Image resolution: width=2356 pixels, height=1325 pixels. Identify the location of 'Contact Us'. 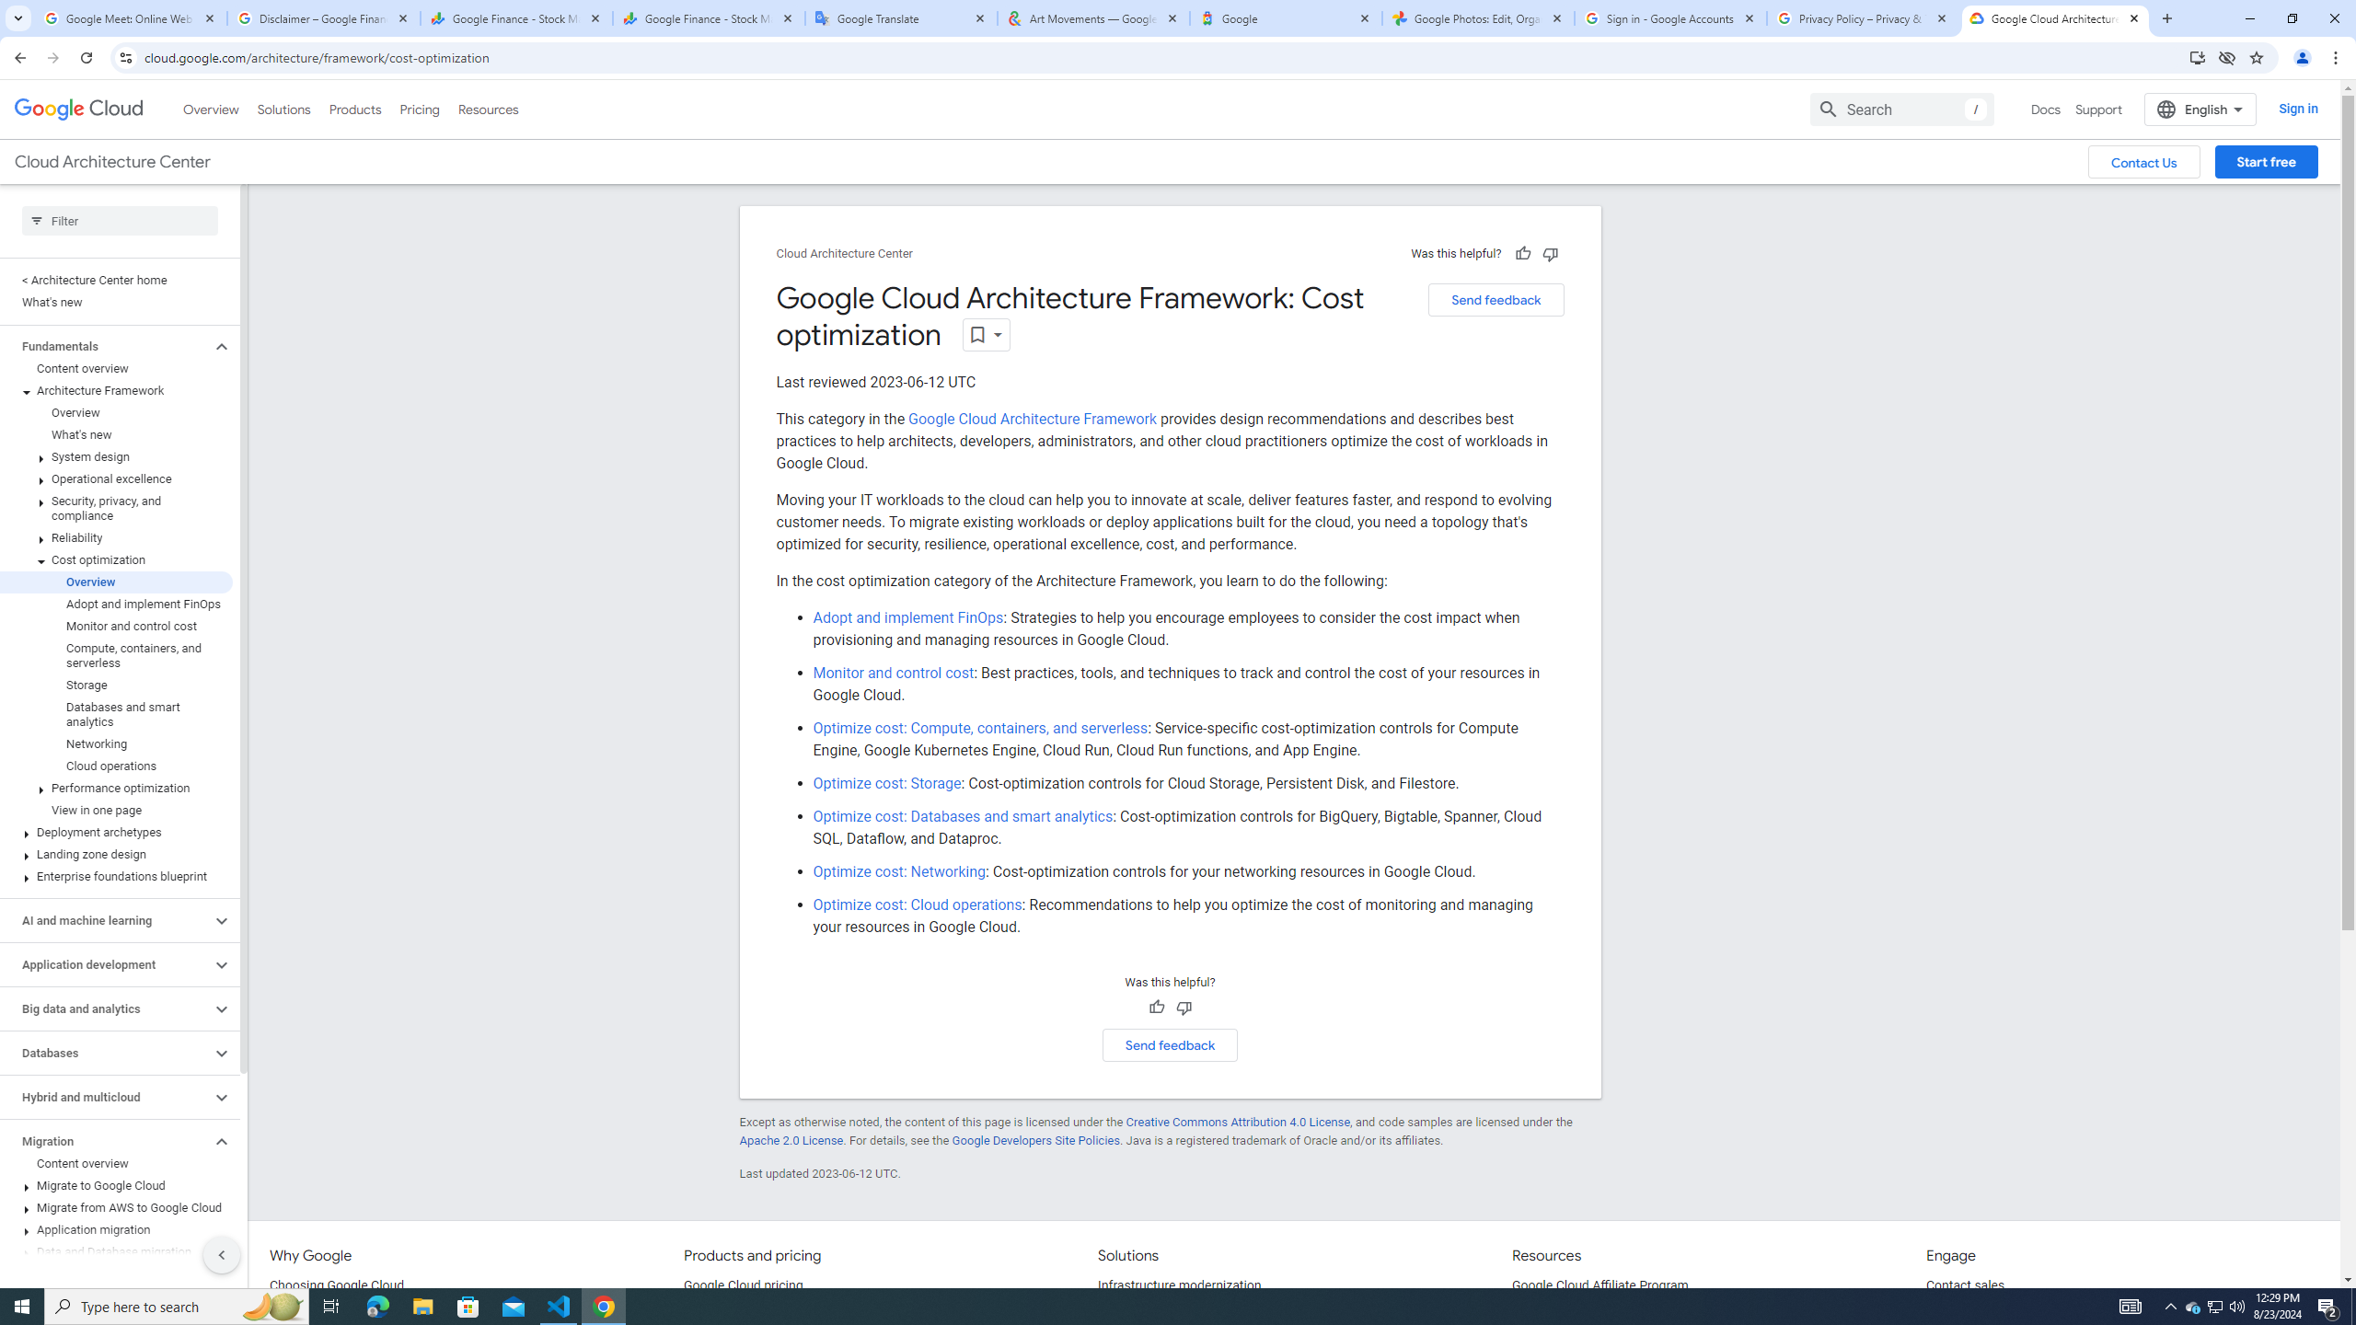
(2142, 162).